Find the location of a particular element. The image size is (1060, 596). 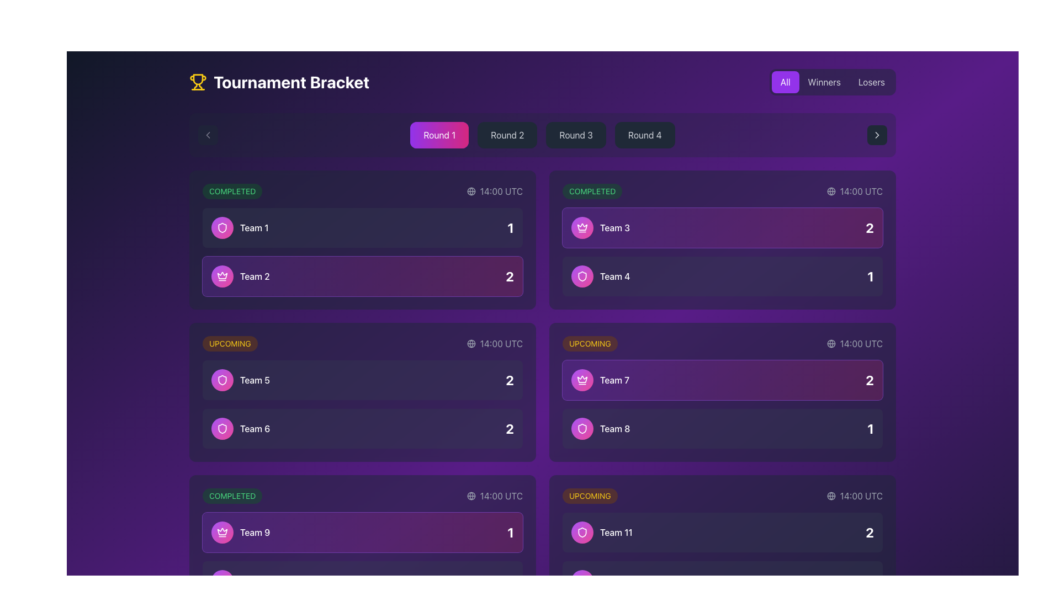

the text label 'Team 8' with a circular icon that has a gradient from purple to pink and a white shield symbol, located in the bottom-right area of the interface is located at coordinates (600, 428).